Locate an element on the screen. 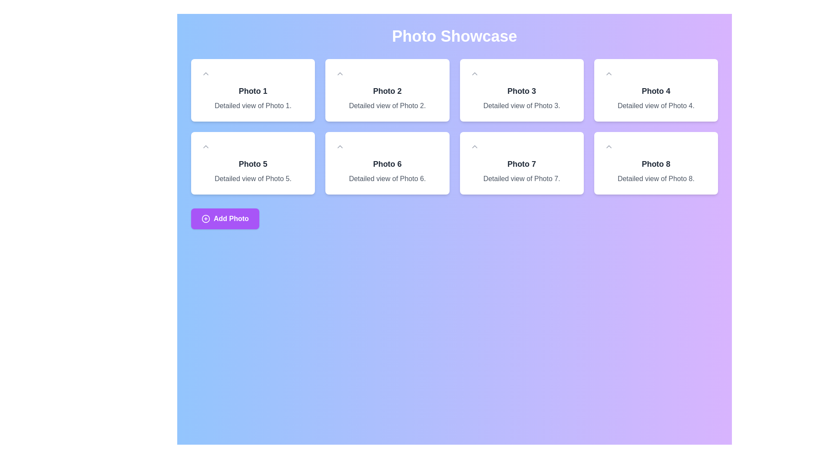  the text display labeled 'Photo 1' is located at coordinates (252, 91).